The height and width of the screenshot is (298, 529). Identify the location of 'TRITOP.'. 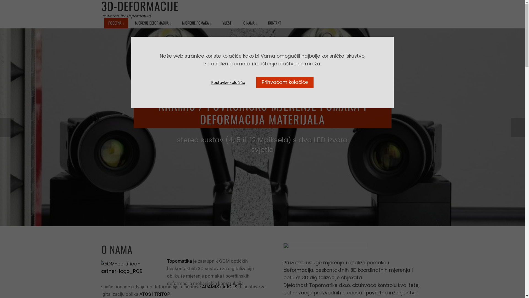
(161, 294).